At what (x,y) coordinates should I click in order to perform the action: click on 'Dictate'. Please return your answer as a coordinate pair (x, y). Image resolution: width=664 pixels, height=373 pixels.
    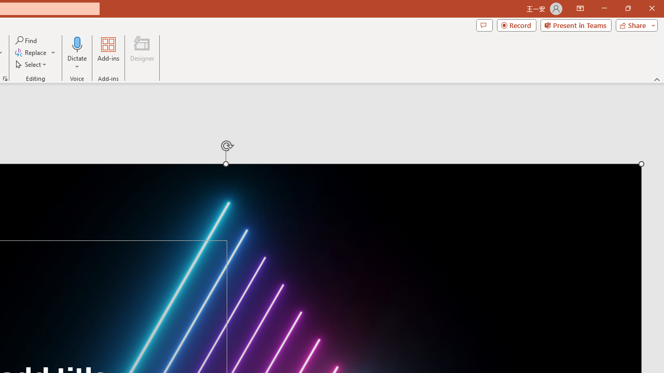
    Looking at the image, I should click on (77, 53).